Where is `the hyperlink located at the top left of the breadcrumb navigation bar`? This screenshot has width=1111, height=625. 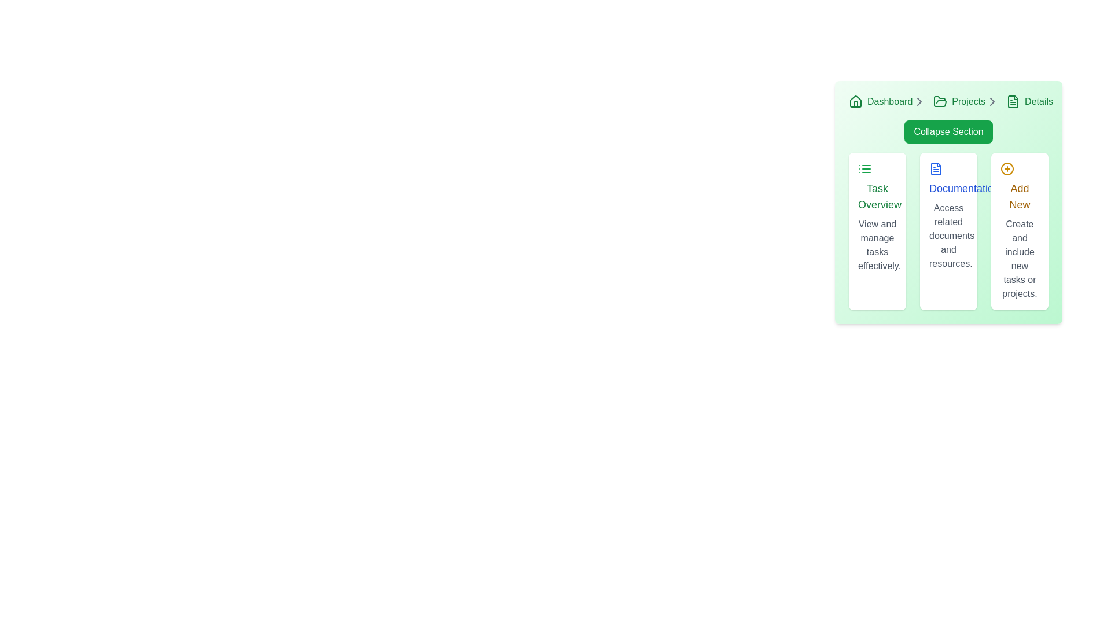 the hyperlink located at the top left of the breadcrumb navigation bar is located at coordinates (880, 101).